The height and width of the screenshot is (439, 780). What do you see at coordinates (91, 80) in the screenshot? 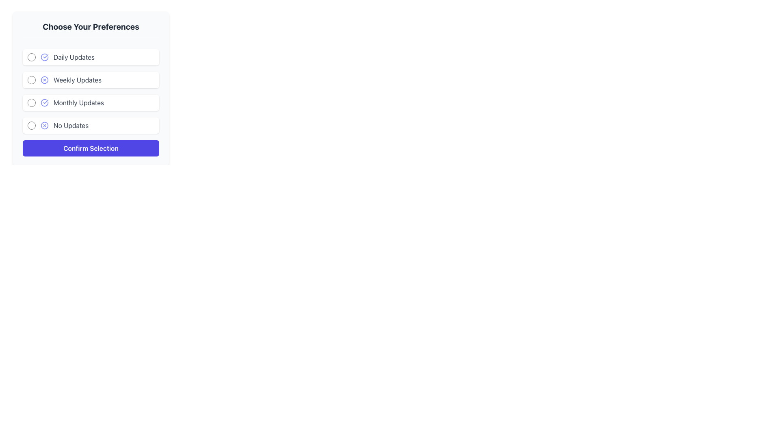
I see `the 'Weekly Updates' radio button option` at bounding box center [91, 80].